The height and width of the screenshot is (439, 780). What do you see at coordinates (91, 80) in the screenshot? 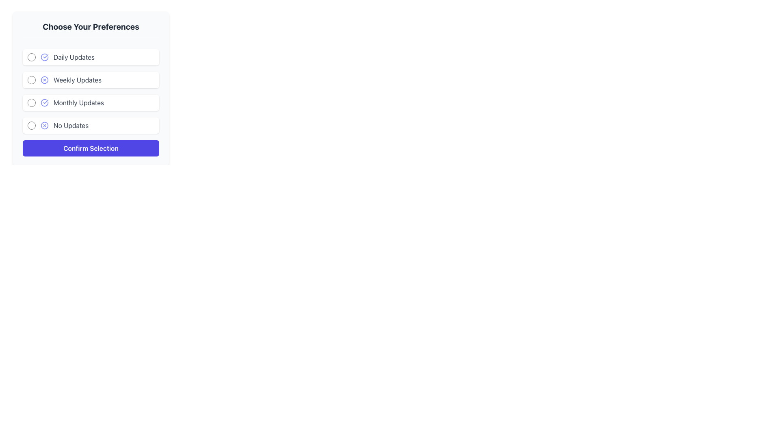
I see `the 'Weekly Updates' radio button option` at bounding box center [91, 80].